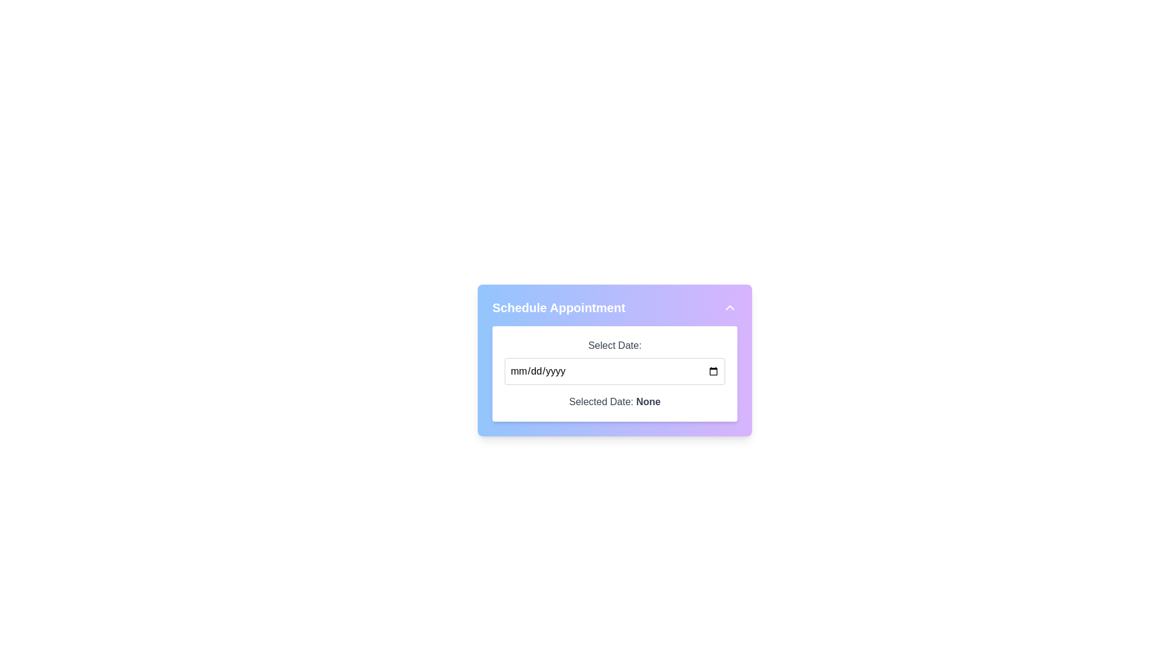 The height and width of the screenshot is (661, 1176). I want to click on bold-styled text component displaying the word 'None' located beneath the label 'Selected Date:' on the white panel, so click(647, 401).